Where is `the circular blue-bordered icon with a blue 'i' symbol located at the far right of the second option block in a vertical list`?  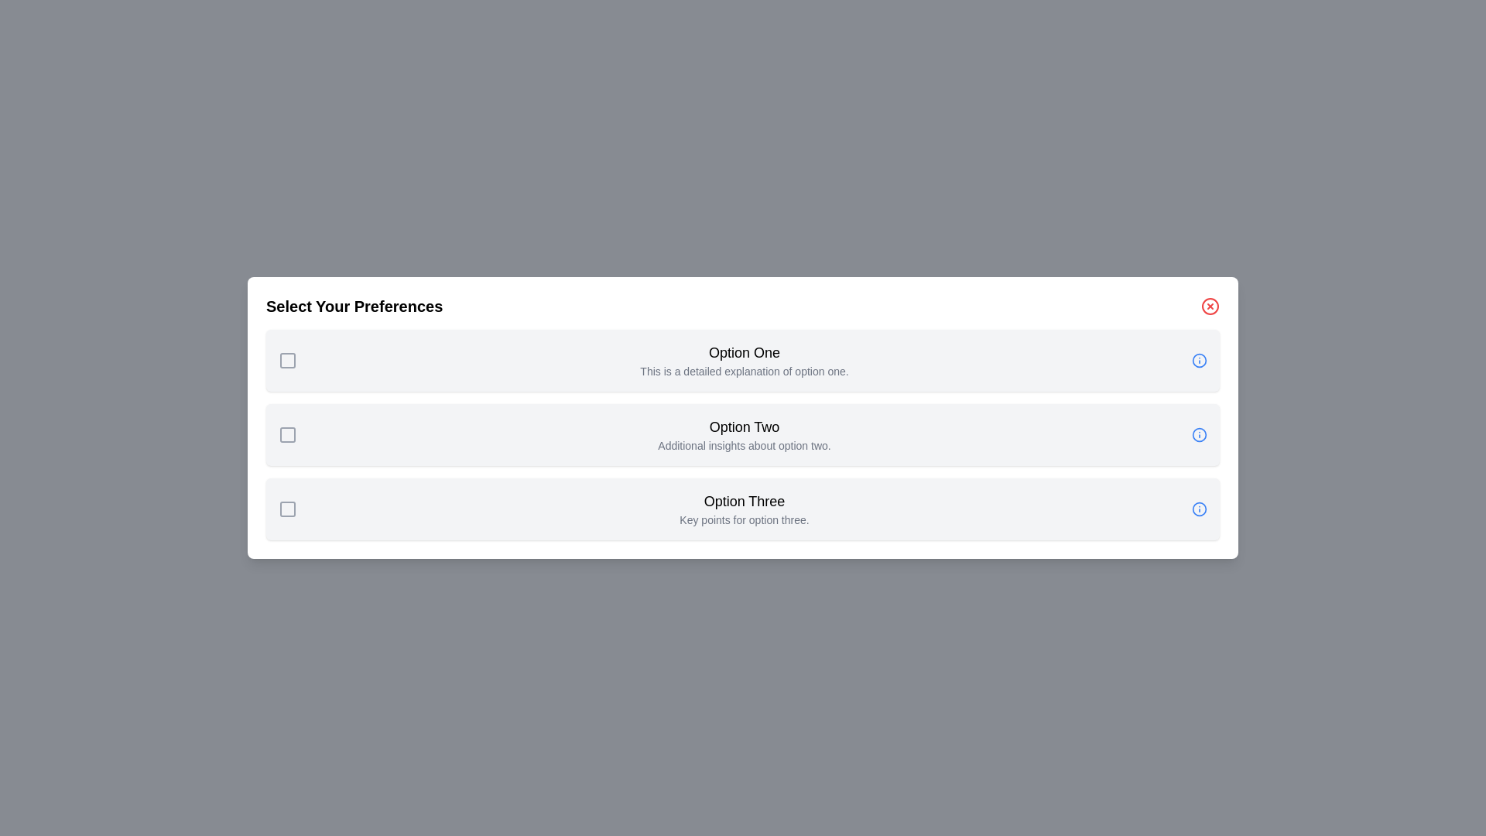 the circular blue-bordered icon with a blue 'i' symbol located at the far right of the second option block in a vertical list is located at coordinates (1199, 435).